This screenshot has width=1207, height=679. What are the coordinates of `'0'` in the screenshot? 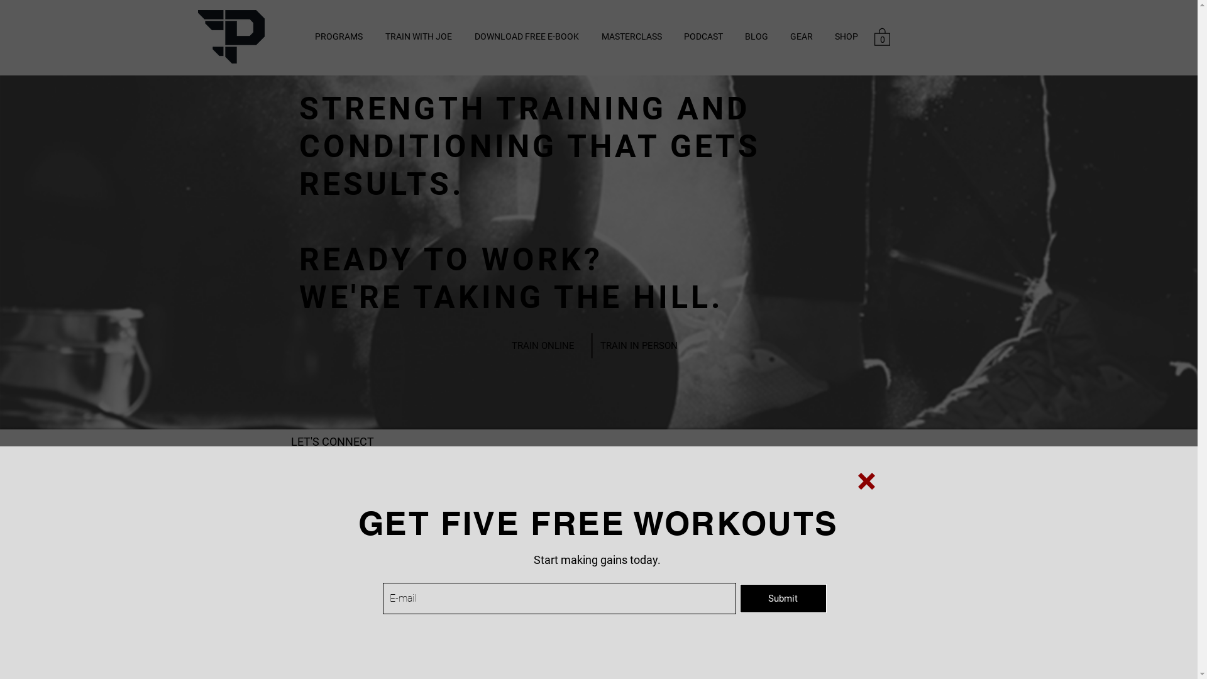 It's located at (881, 35).